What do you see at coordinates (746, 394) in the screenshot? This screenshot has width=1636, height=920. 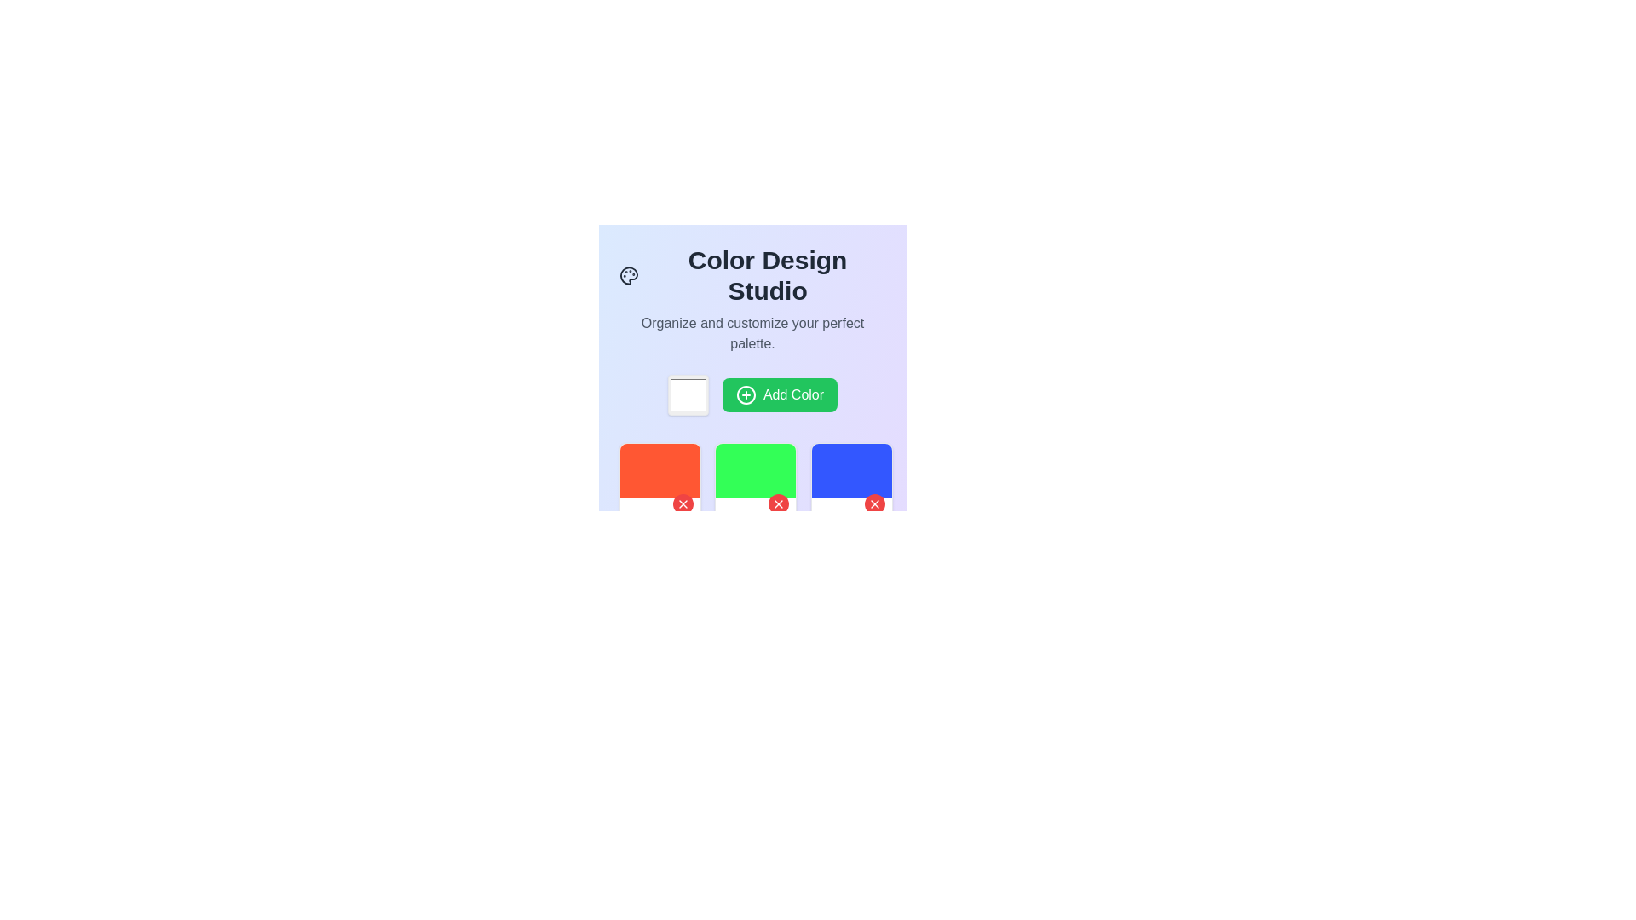 I see `the circular icon with a green border and a white plus symbol, which is positioned to the left of the 'Add Color' button` at bounding box center [746, 394].